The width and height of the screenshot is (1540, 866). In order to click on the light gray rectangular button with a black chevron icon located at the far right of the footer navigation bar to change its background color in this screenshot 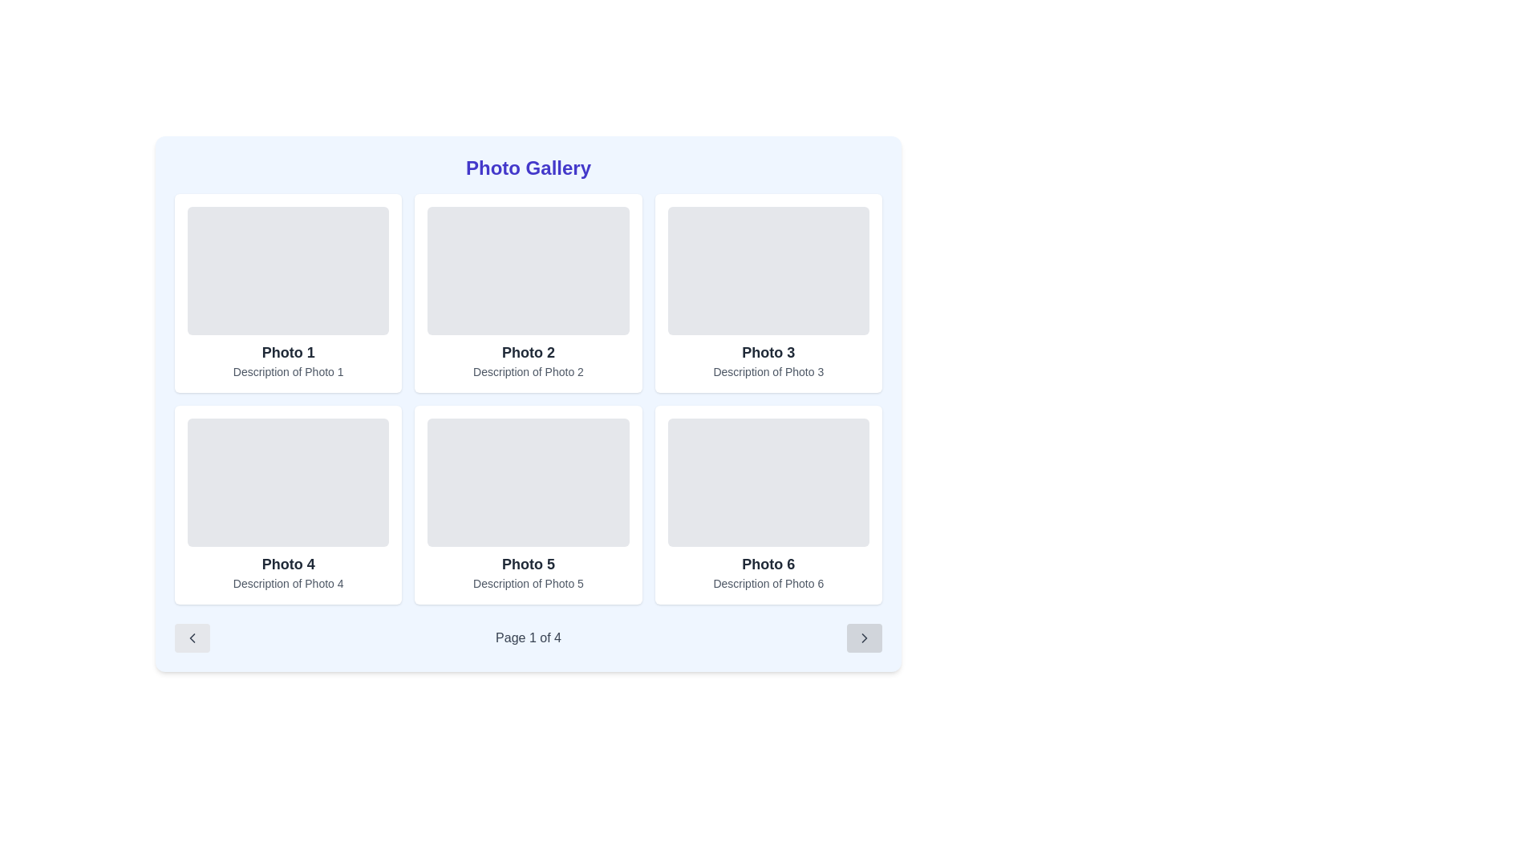, I will do `click(863, 637)`.